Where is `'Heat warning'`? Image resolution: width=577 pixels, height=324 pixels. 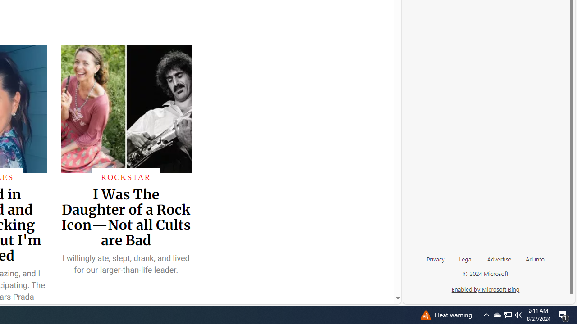
'Heat warning' is located at coordinates (446, 314).